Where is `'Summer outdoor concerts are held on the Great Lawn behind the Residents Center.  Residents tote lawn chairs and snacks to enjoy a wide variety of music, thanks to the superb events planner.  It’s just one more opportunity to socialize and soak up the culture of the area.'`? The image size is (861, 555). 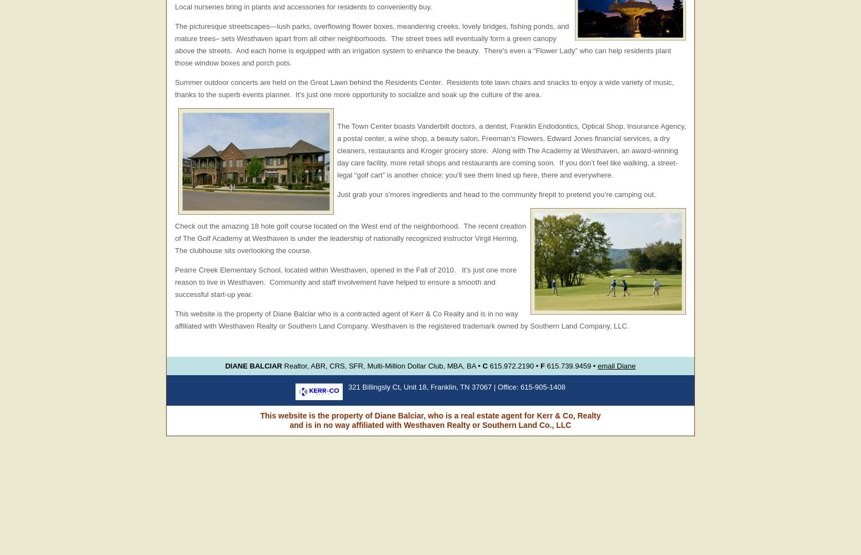 'Summer outdoor concerts are held on the Great Lawn behind the Residents Center.  Residents tote lawn chairs and snacks to enjoy a wide variety of music, thanks to the superb events planner.  It’s just one more opportunity to socialize and soak up the culture of the area.' is located at coordinates (424, 88).